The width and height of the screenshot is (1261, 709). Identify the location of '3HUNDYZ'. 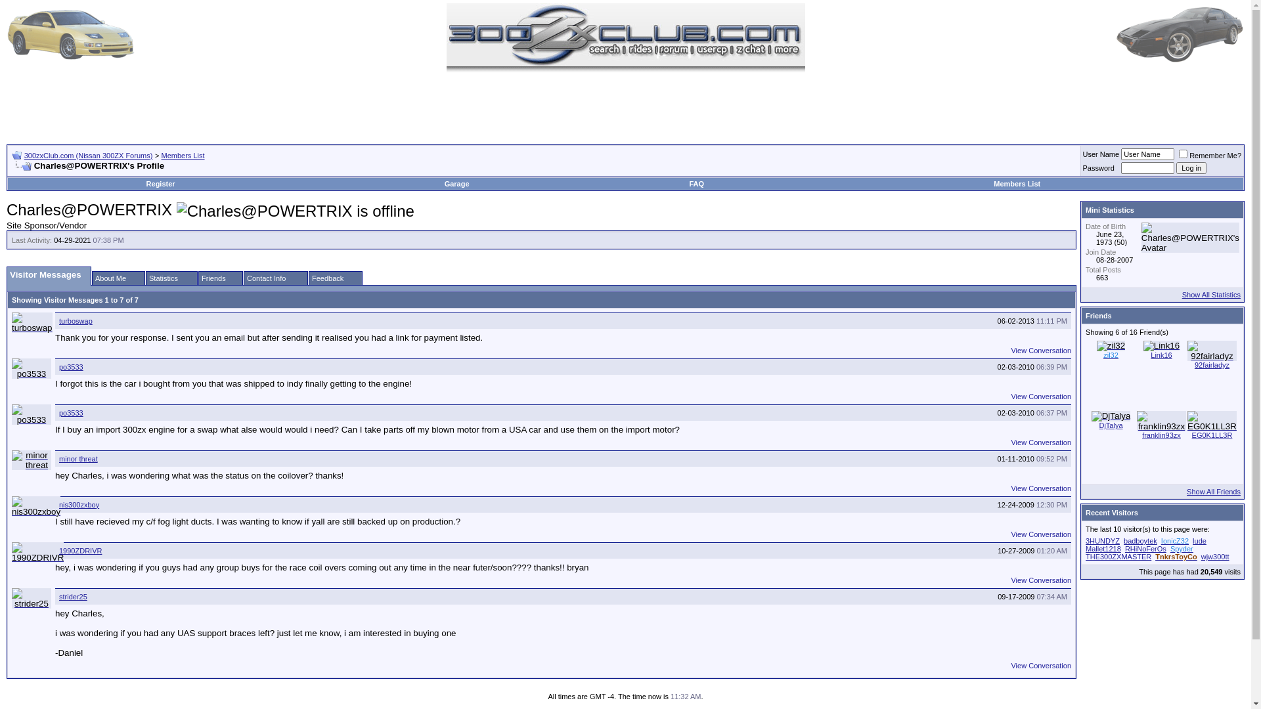
(1103, 541).